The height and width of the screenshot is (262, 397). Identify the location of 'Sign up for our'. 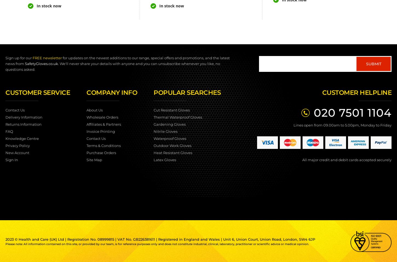
(19, 58).